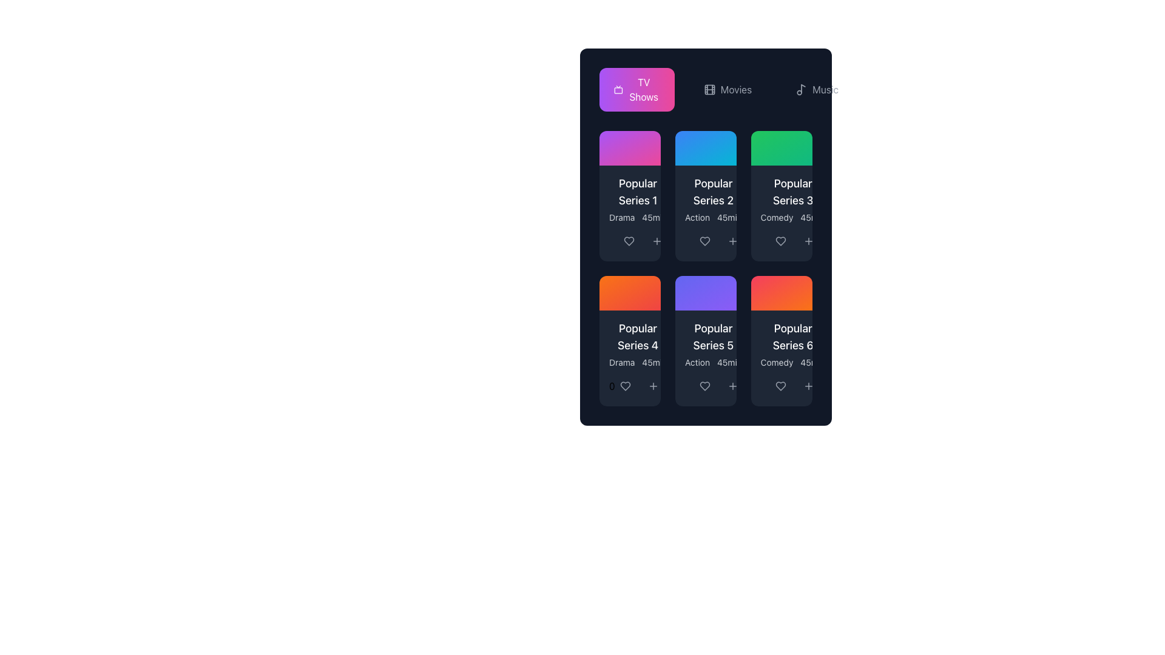 Image resolution: width=1165 pixels, height=655 pixels. Describe the element at coordinates (653, 361) in the screenshot. I see `the text label displaying the time-duration indication ('45 minutes') for the 'Popular Series 4' card, which is located in the lower-left section of the content grid` at that location.